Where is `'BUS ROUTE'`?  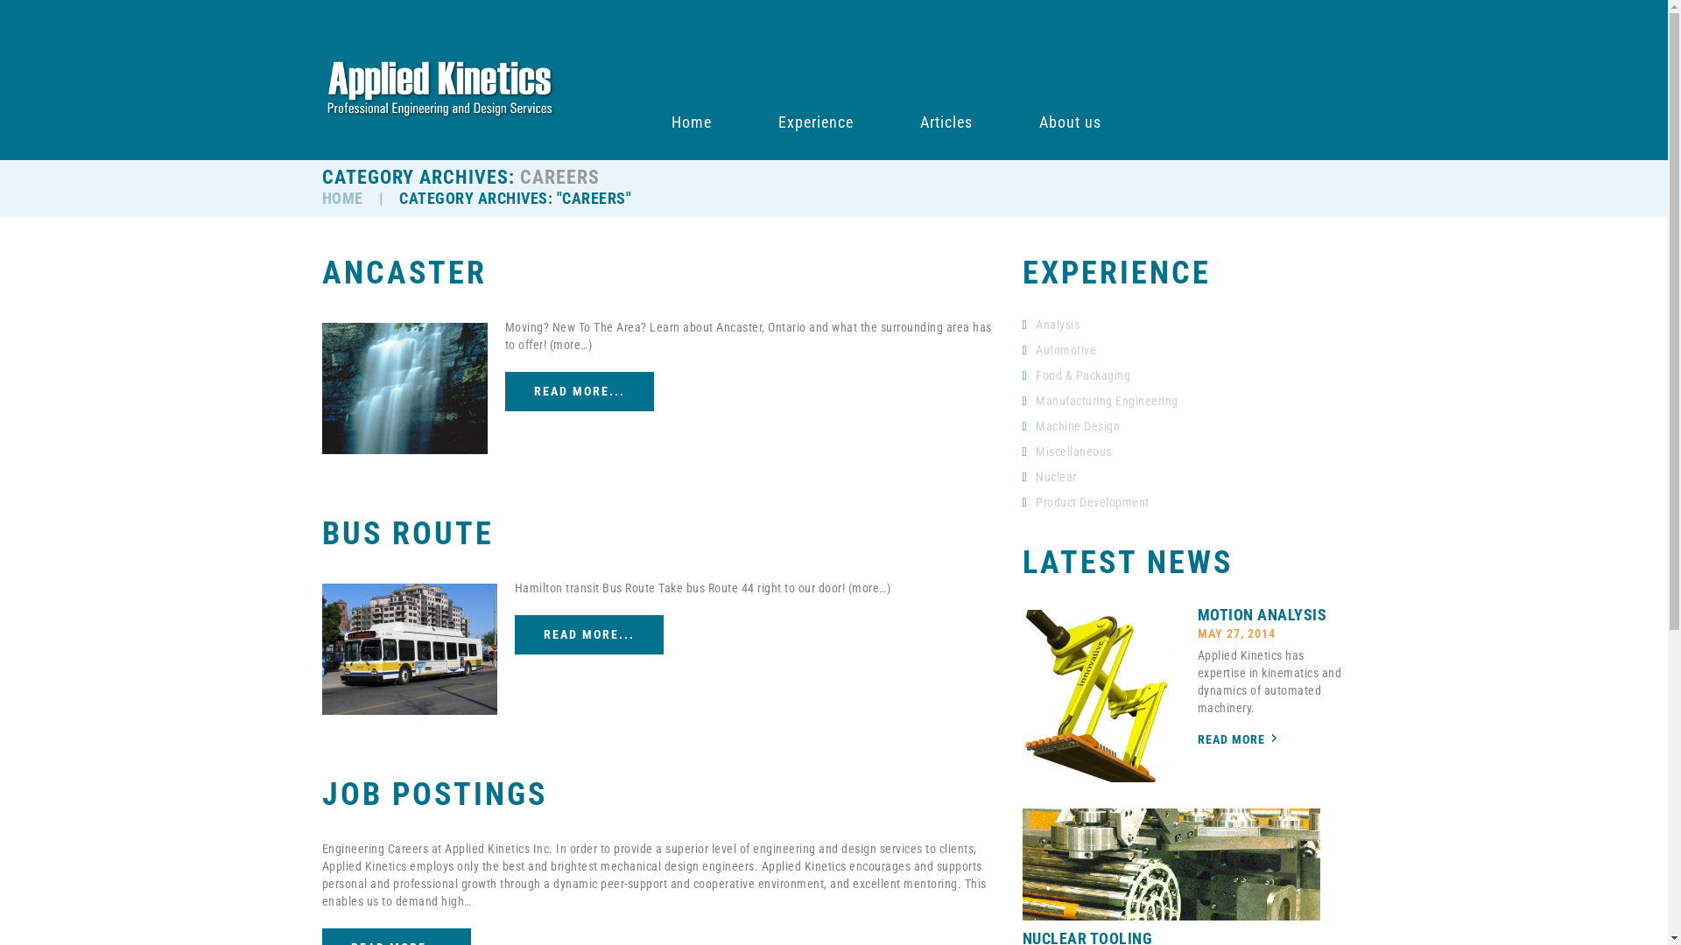 'BUS ROUTE' is located at coordinates (322, 532).